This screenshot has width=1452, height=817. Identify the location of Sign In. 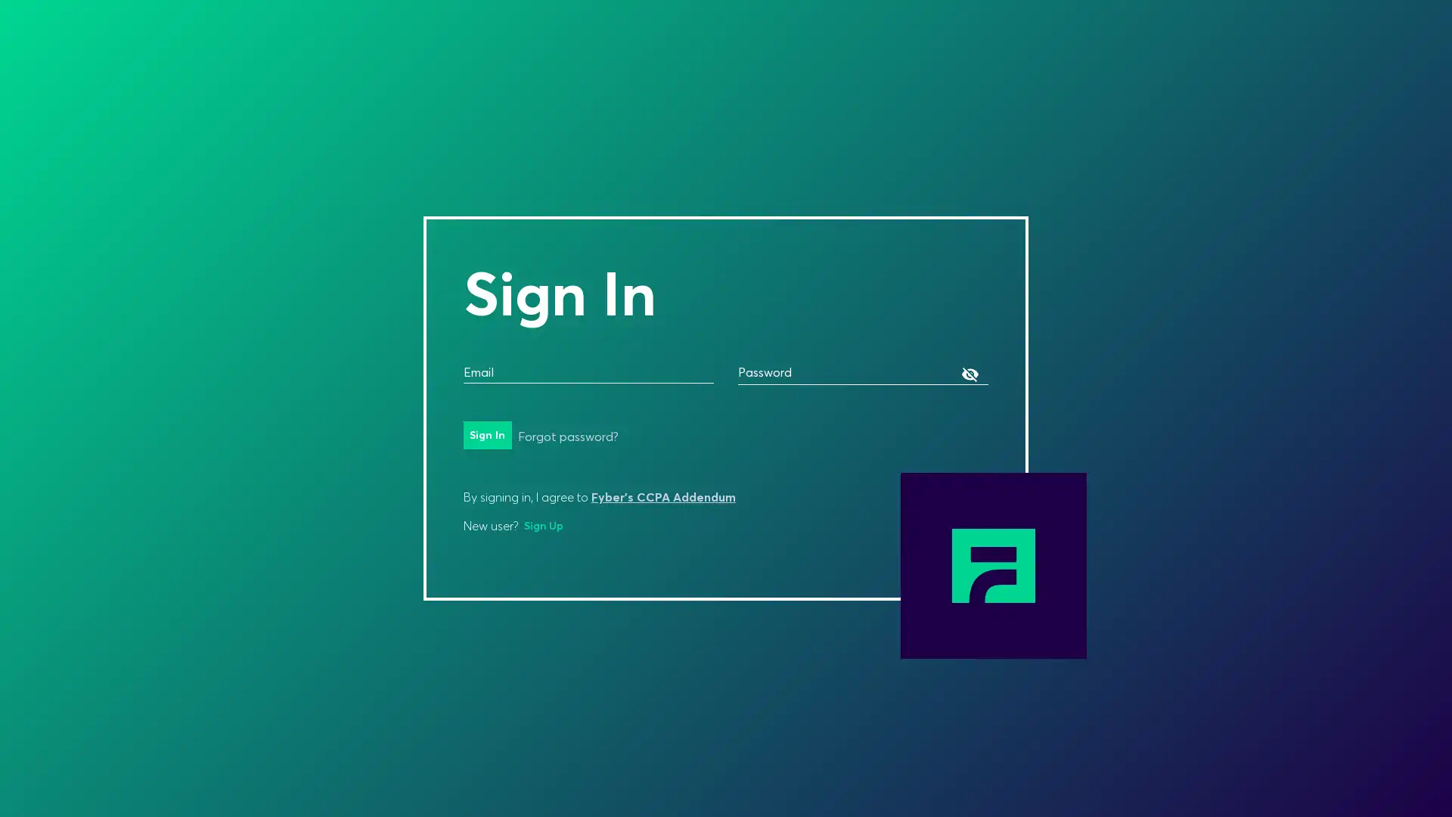
(486, 434).